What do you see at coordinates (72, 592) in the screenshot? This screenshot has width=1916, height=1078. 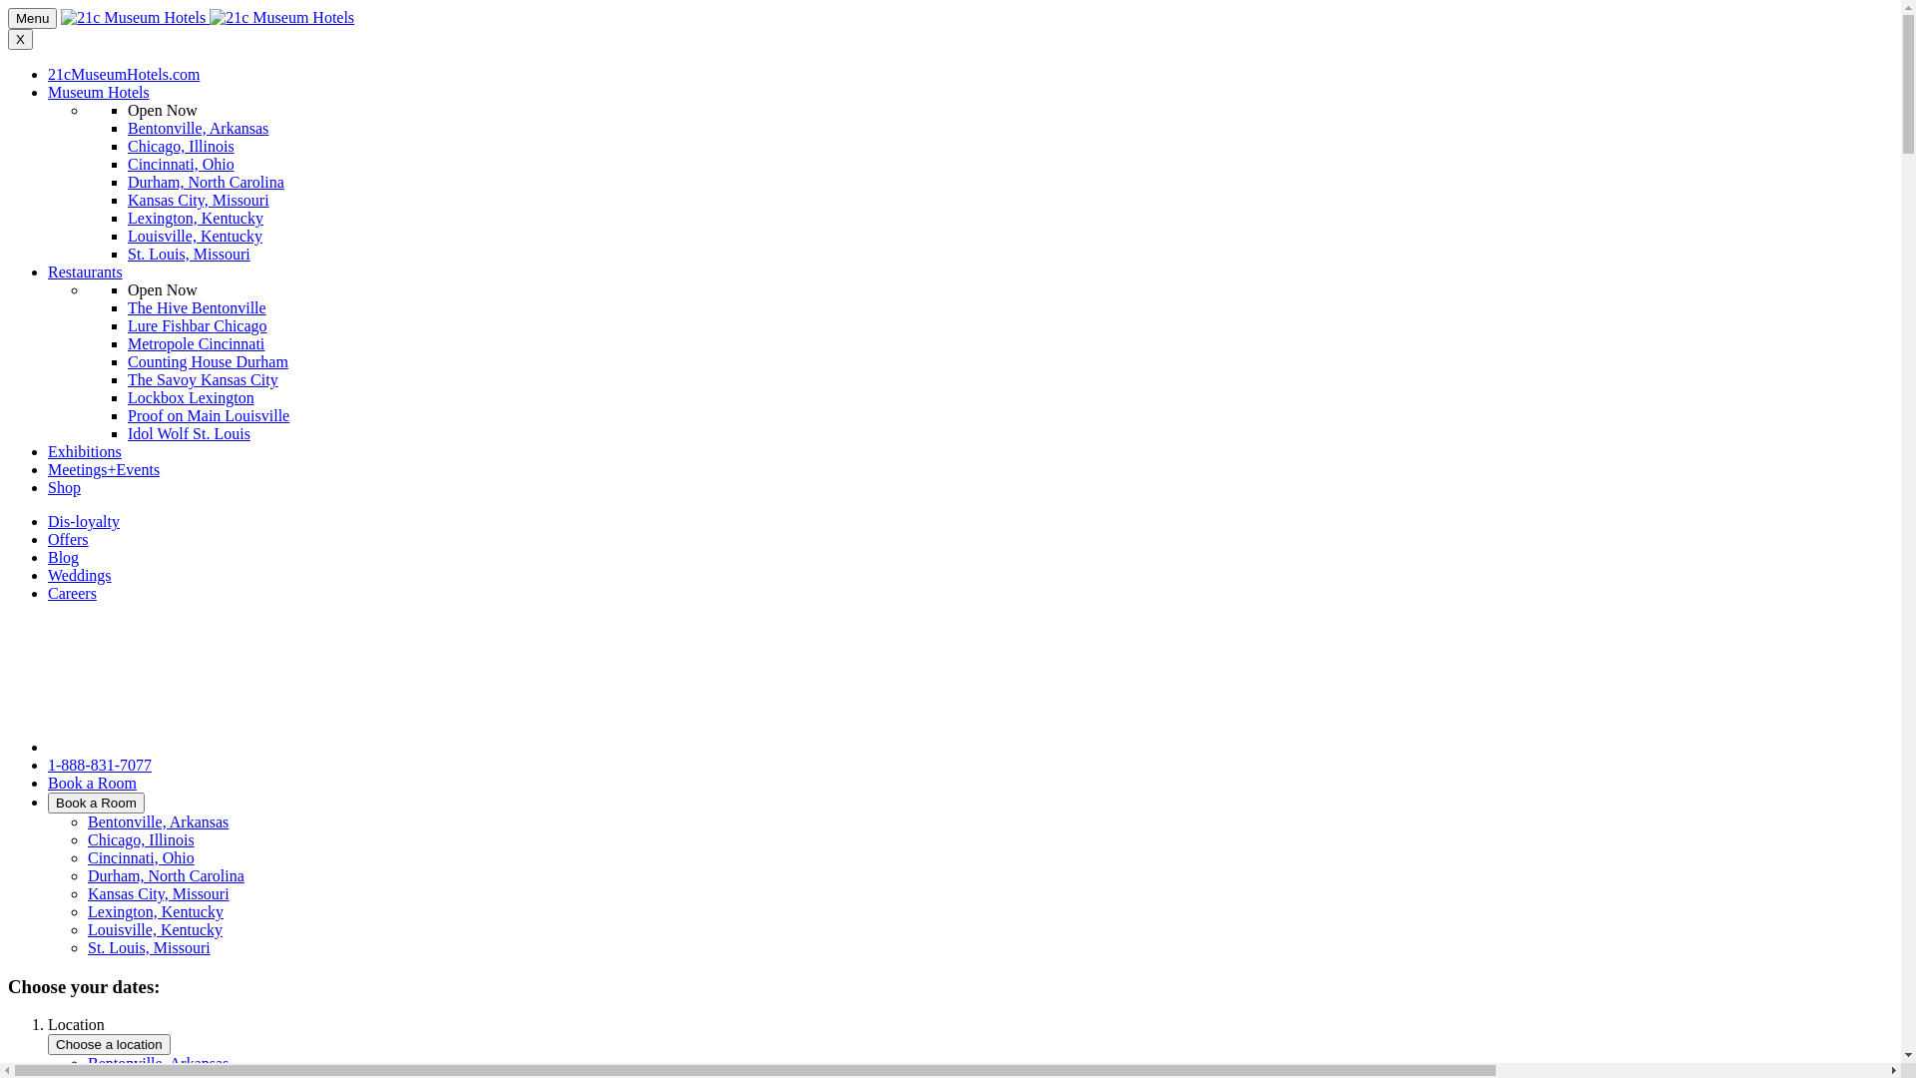 I see `'Careers'` at bounding box center [72, 592].